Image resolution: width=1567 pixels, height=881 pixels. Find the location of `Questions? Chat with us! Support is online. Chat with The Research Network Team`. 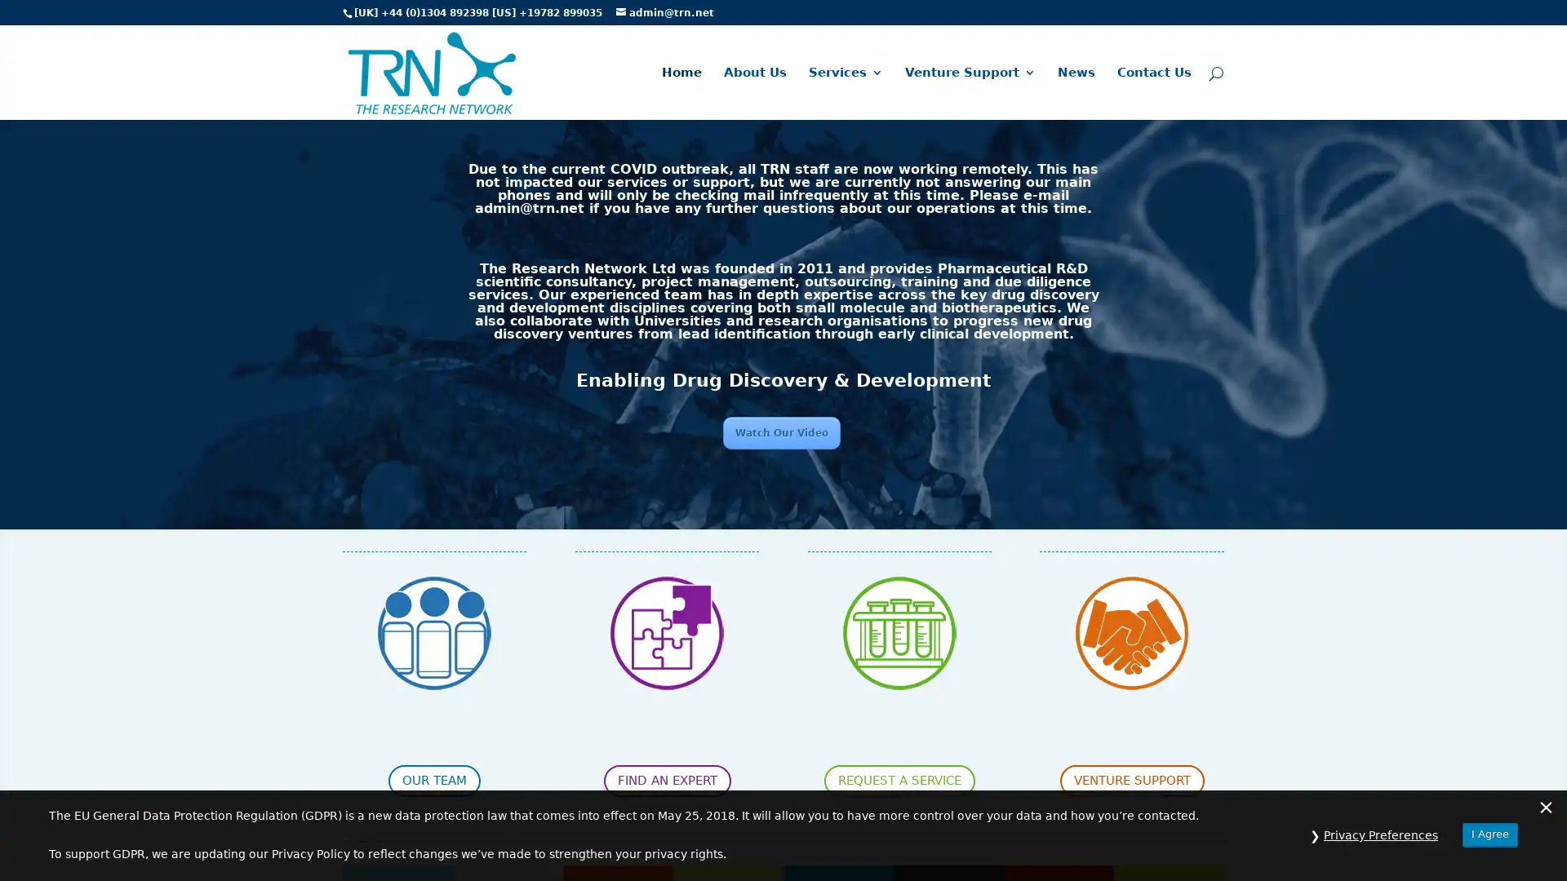

Questions? Chat with us! Support is online. Chat with The Research Network Team is located at coordinates (1522, 839).